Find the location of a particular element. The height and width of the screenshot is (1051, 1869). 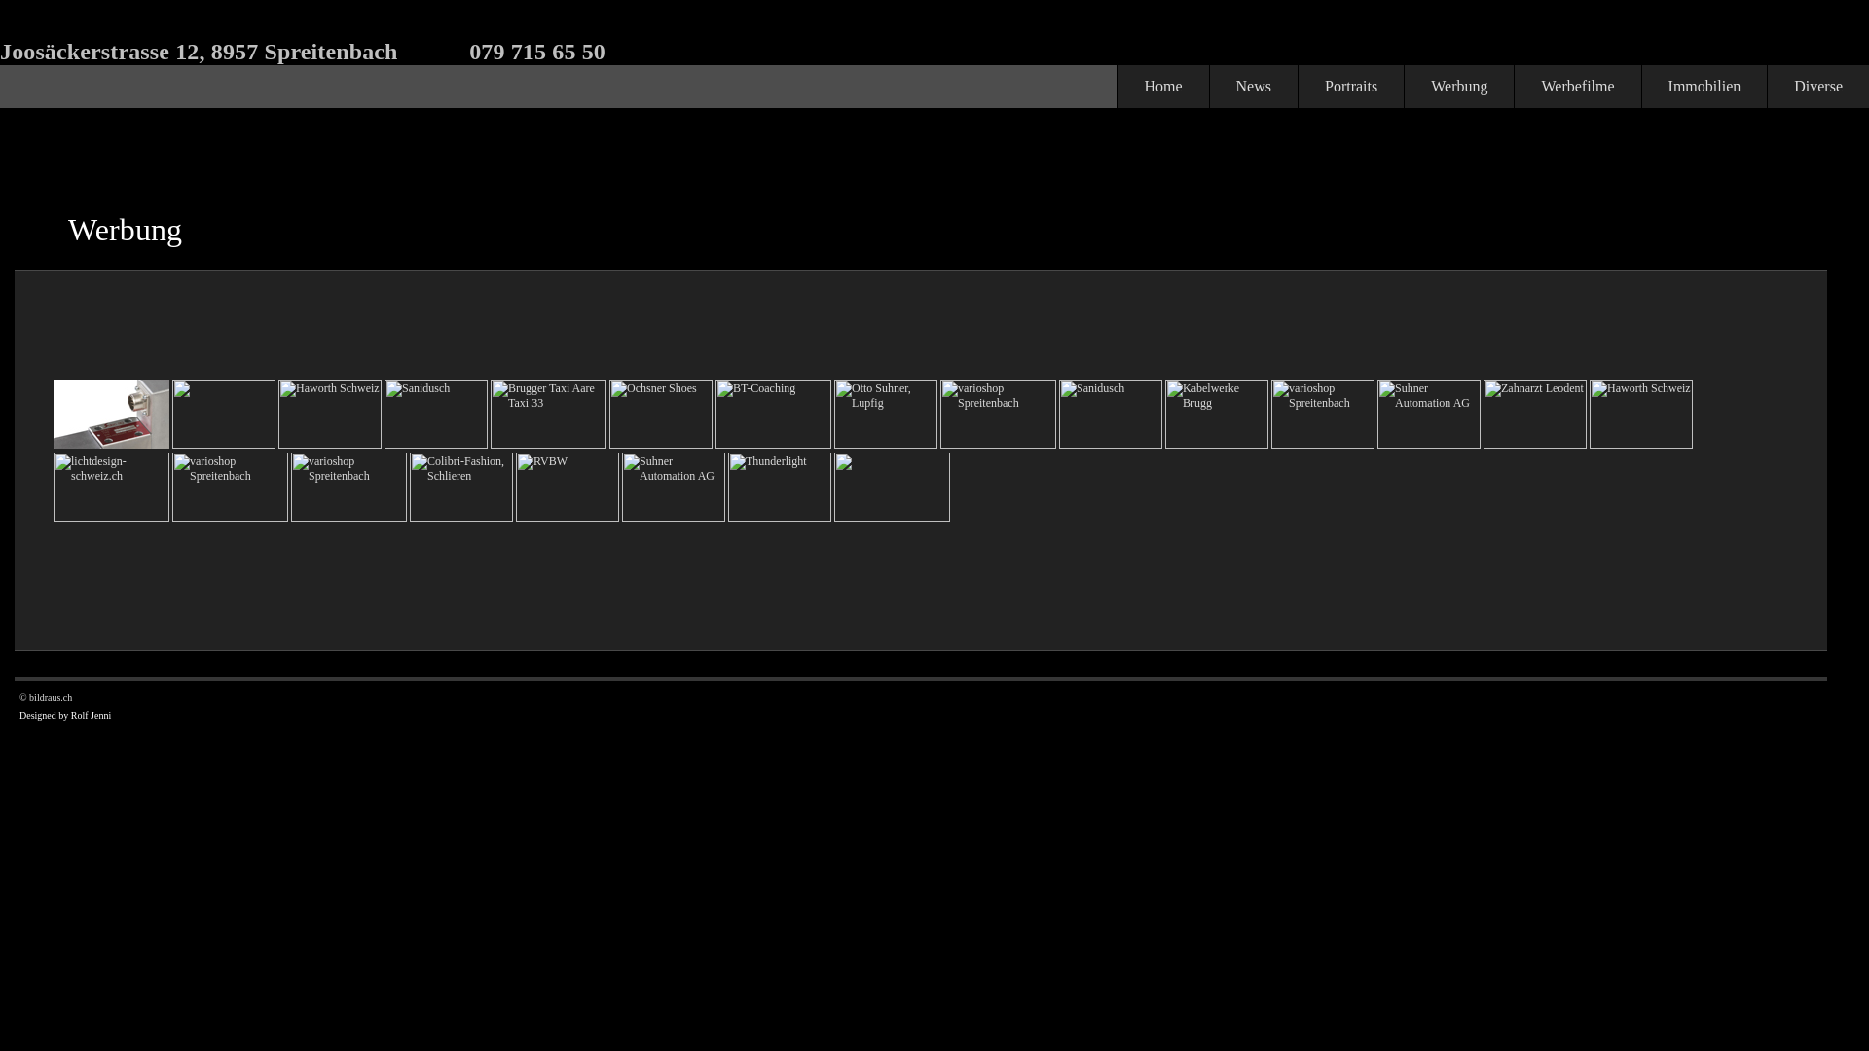

'Portraits' is located at coordinates (1349, 85).